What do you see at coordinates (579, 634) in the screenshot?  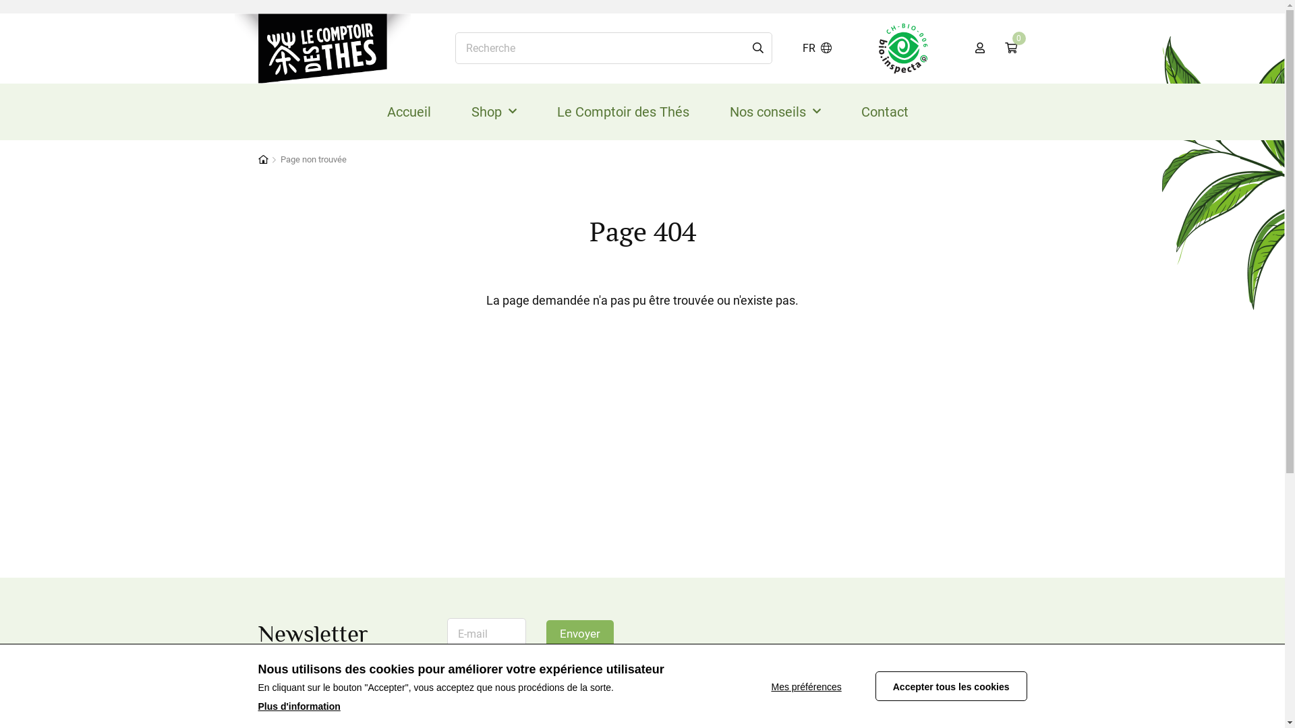 I see `'Envoyer'` at bounding box center [579, 634].